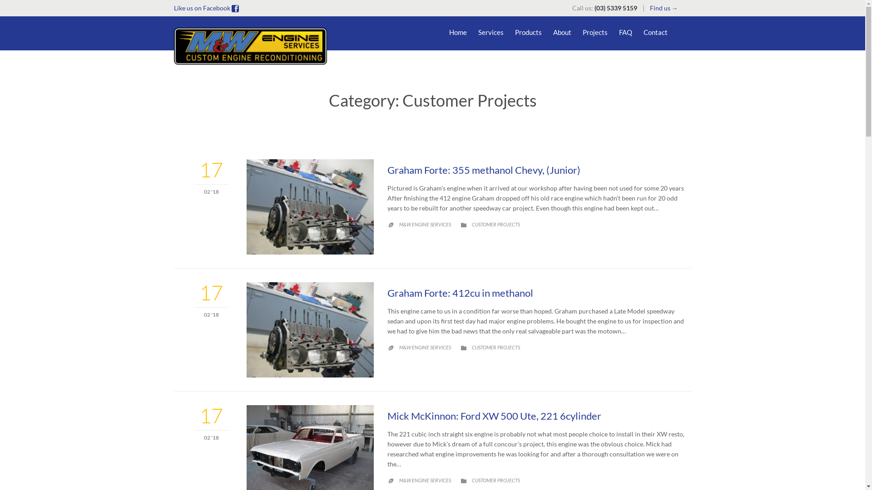 The image size is (872, 490). I want to click on 'Graham Forte: 355 methanol Chevy, (Junior)', so click(483, 170).